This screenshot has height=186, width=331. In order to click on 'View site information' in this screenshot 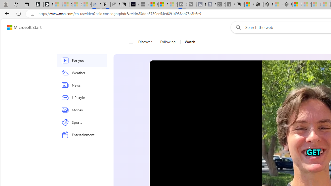, I will do `click(32, 13)`.